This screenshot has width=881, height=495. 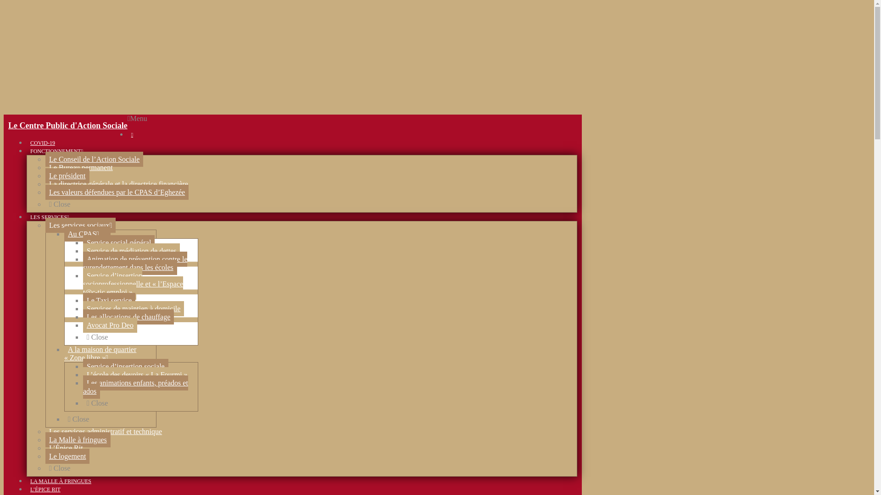 I want to click on 'Le Taxi service', so click(x=109, y=300).